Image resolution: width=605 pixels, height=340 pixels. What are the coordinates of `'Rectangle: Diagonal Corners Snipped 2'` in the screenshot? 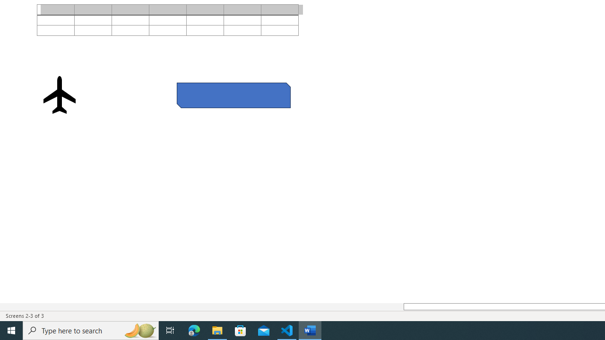 It's located at (233, 95).